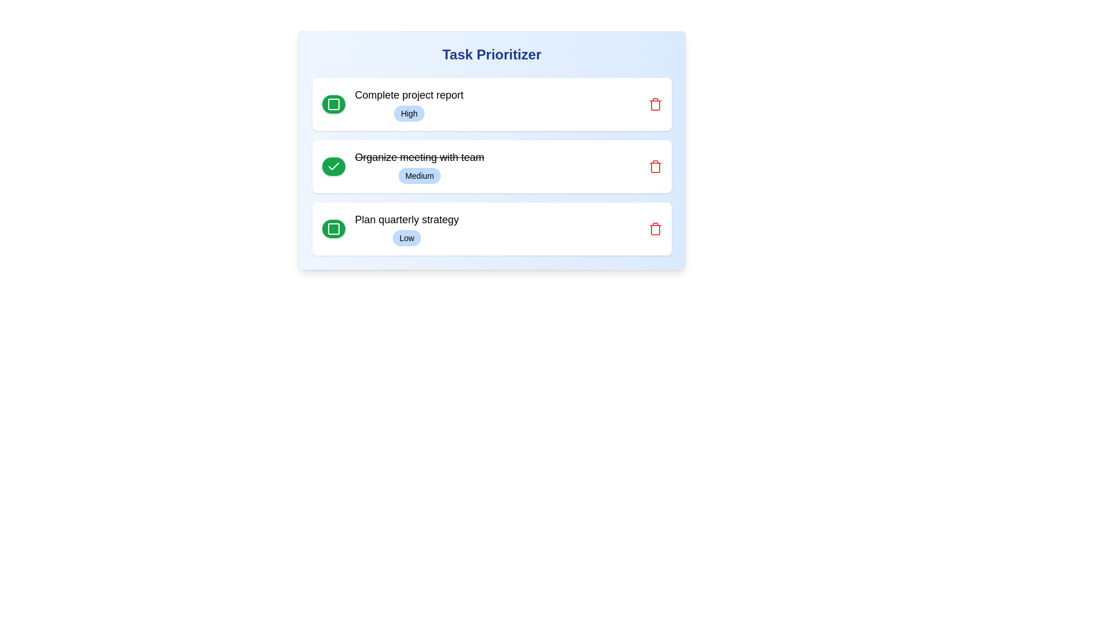 This screenshot has height=623, width=1109. I want to click on the text label that reads 'Complete project report', which is positioned at the top of the first task item in a vertical list, aligned with a checkbox icon to its left and above a 'High' priority badge, so click(409, 95).